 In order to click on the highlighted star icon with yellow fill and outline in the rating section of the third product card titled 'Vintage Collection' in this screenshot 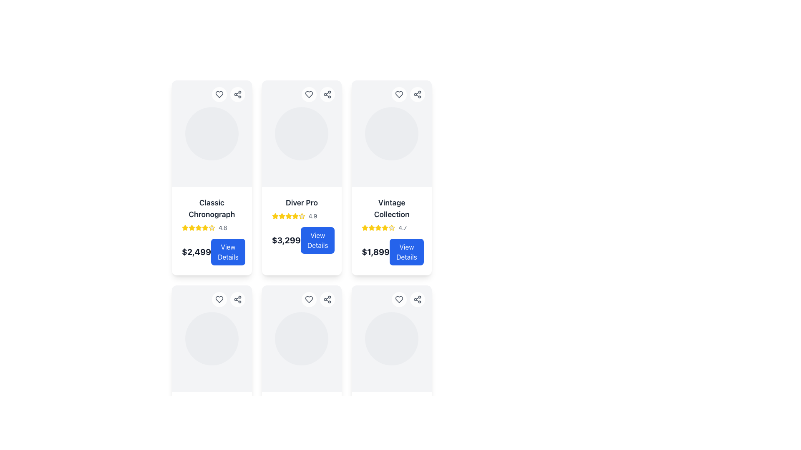, I will do `click(365, 227)`.